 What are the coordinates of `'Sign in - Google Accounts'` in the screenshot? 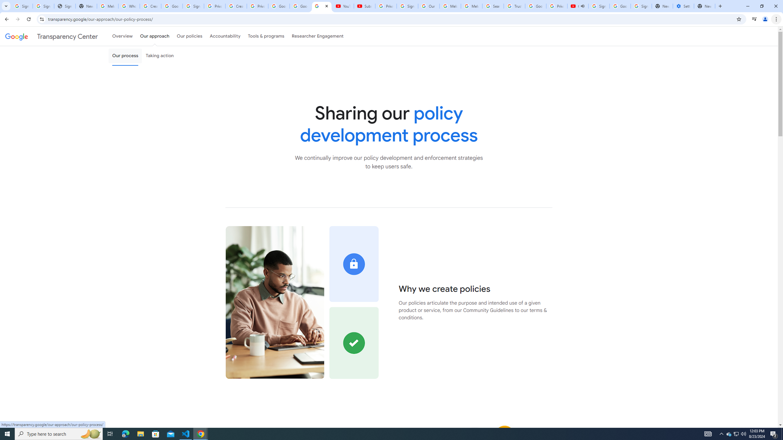 It's located at (599, 6).